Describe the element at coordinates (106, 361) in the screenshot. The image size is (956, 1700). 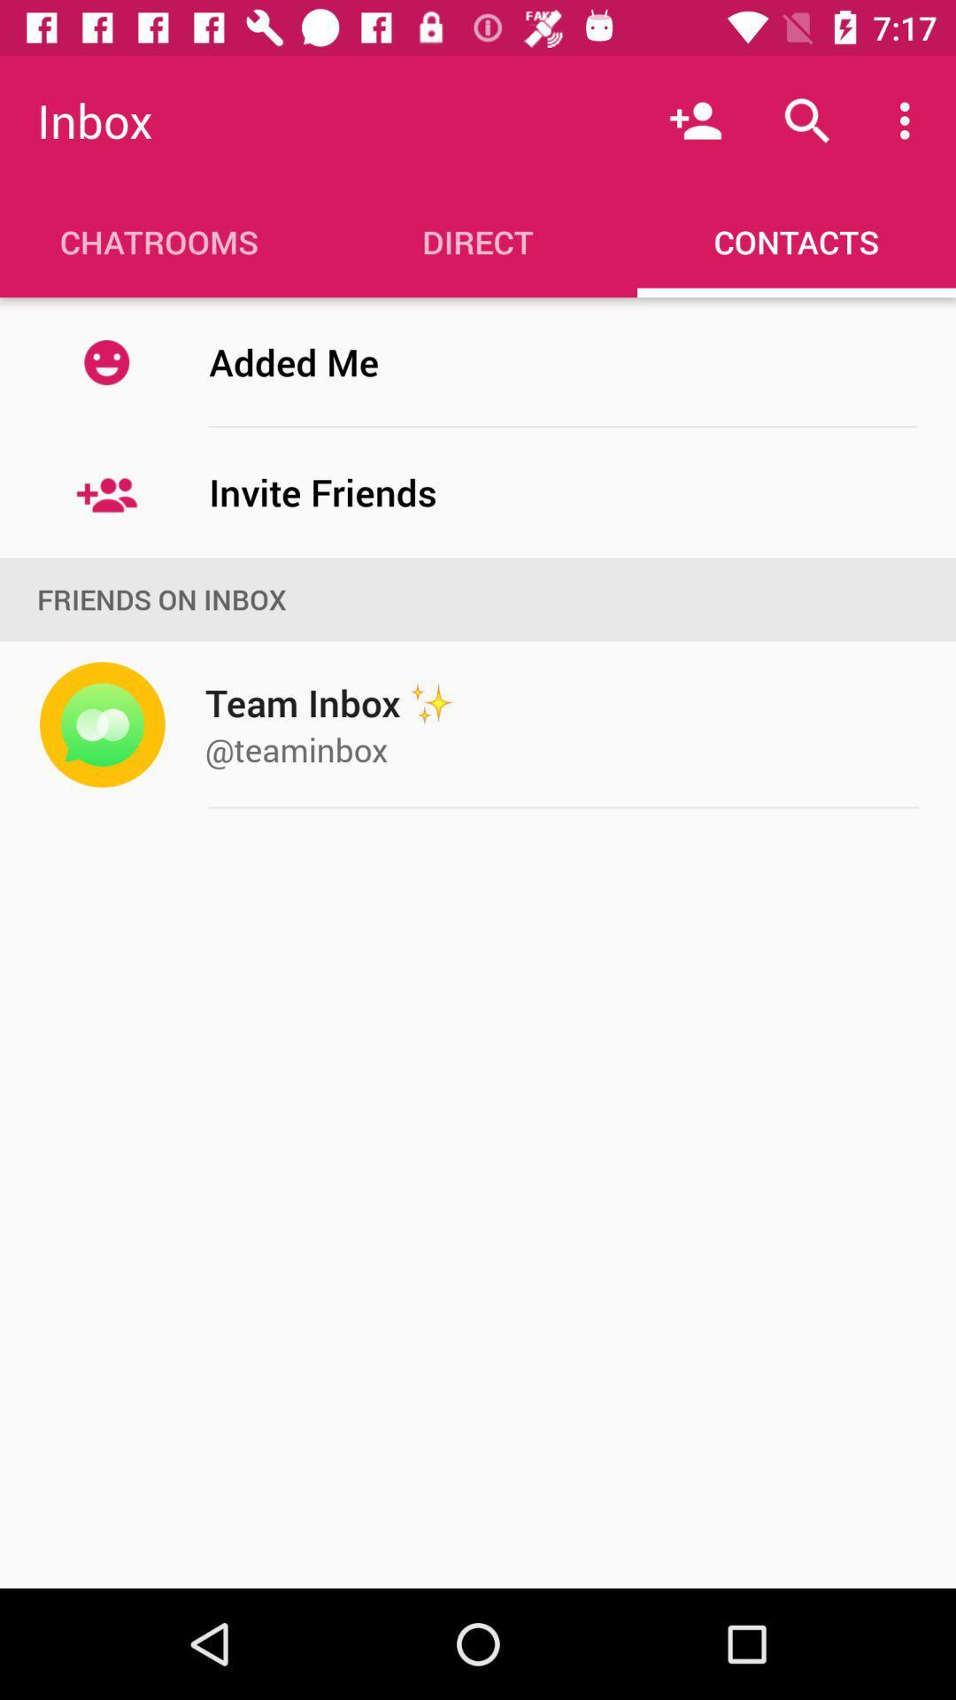
I see `the smiley icon` at that location.